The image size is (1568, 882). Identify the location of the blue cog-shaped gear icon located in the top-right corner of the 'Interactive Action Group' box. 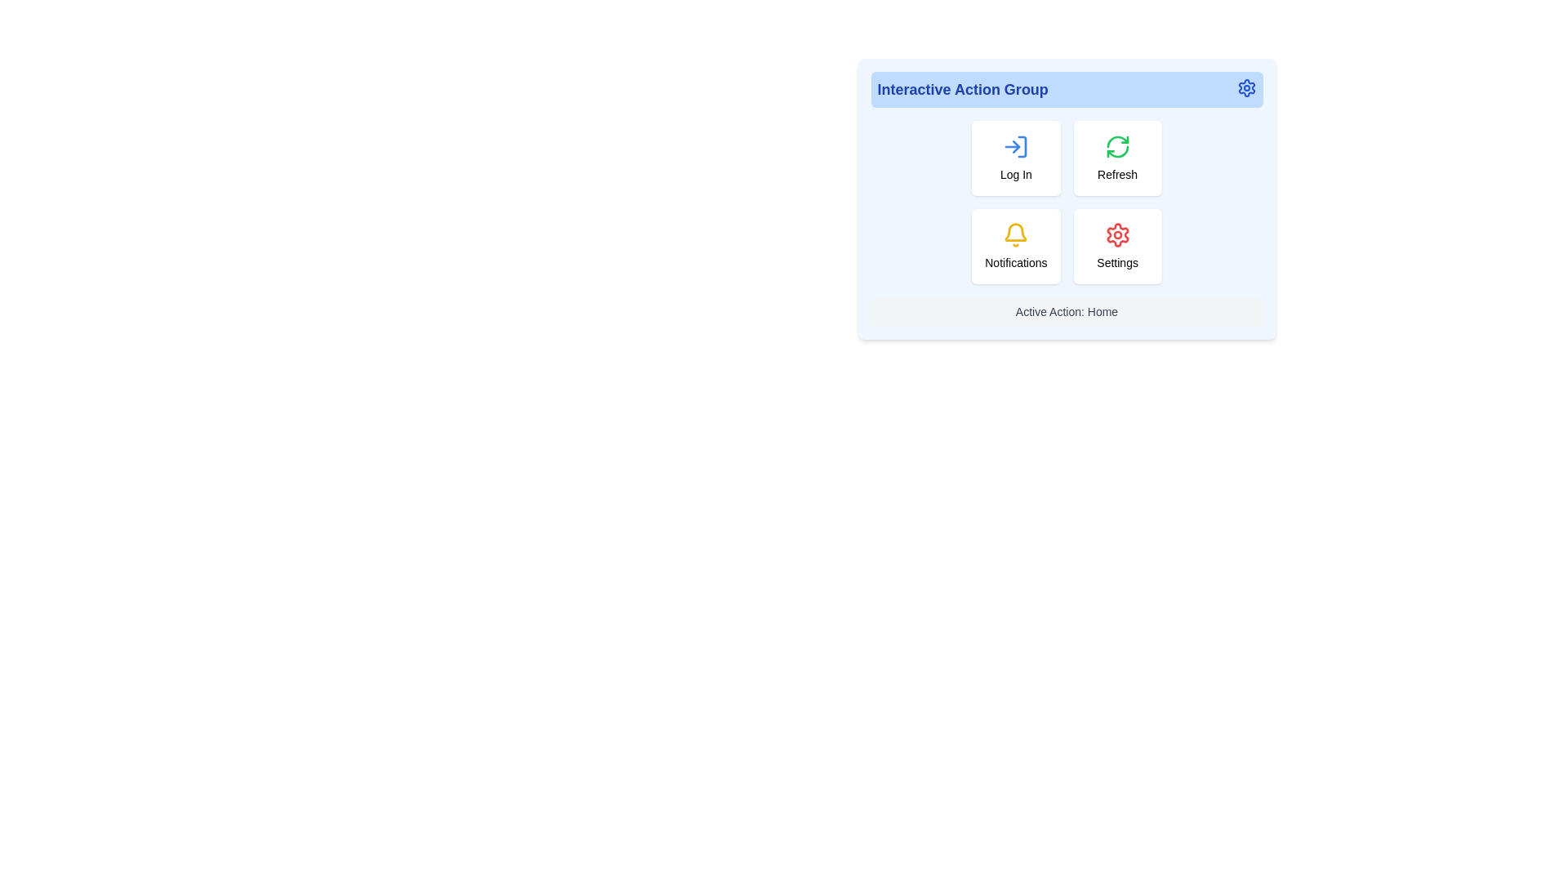
(1245, 88).